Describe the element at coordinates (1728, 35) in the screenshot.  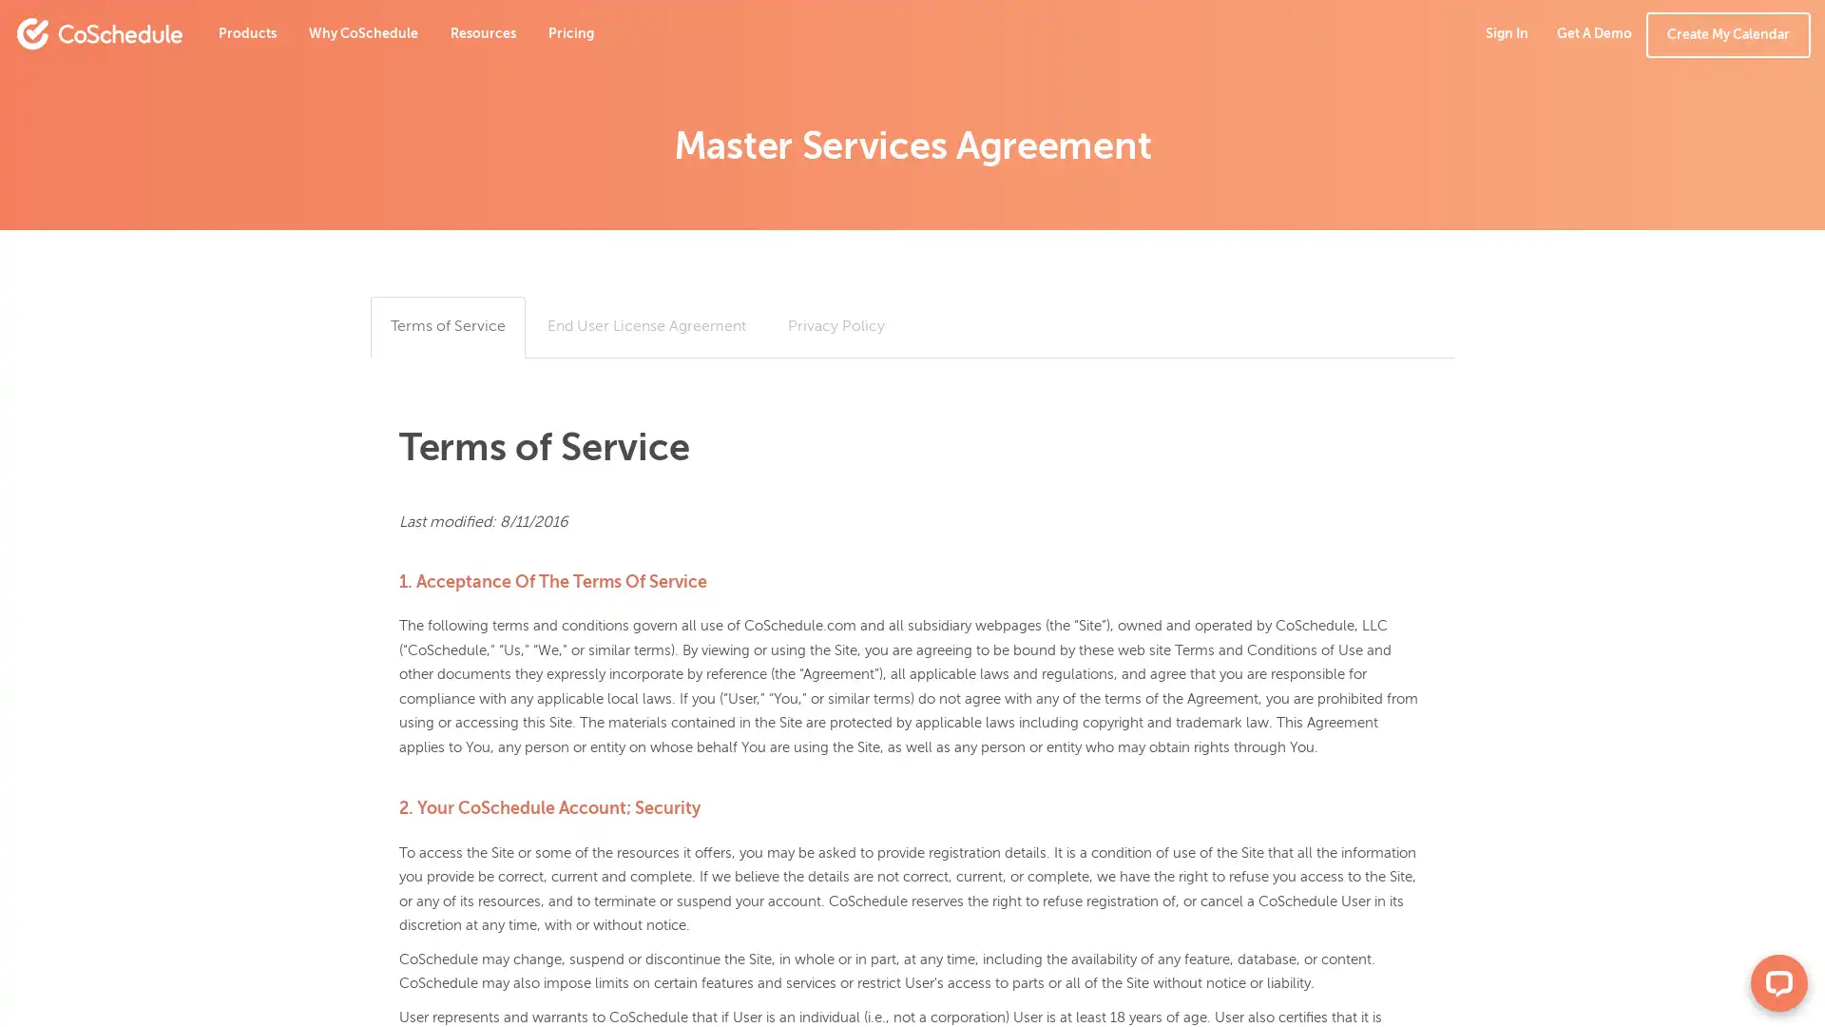
I see `Create My Calendar` at that location.